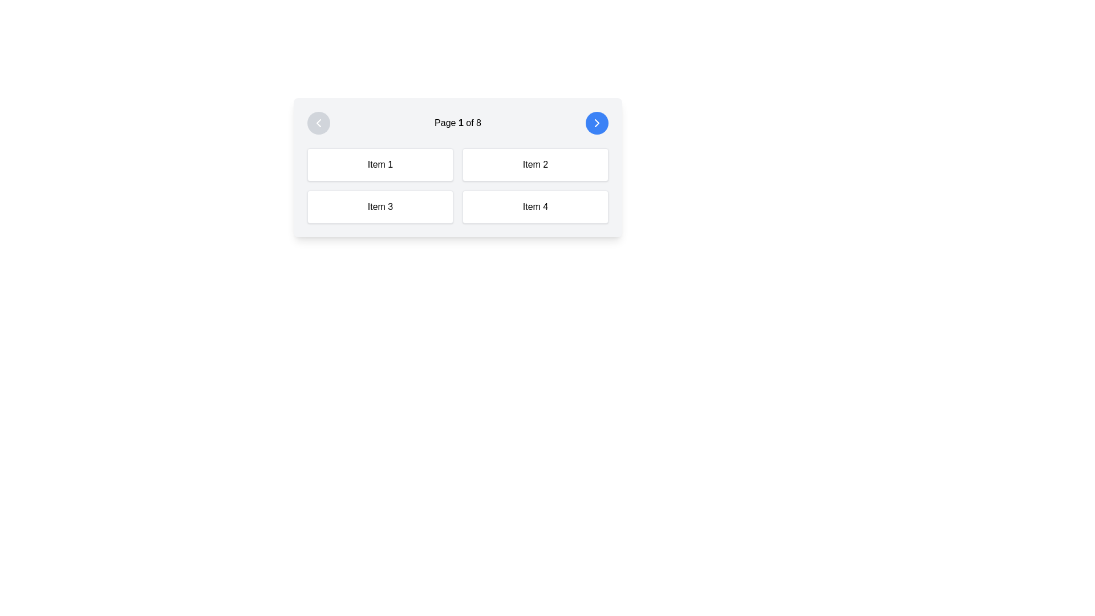 The height and width of the screenshot is (616, 1095). What do you see at coordinates (535, 206) in the screenshot?
I see `the label in the bottom-right corner of the 2x2 grid layout` at bounding box center [535, 206].